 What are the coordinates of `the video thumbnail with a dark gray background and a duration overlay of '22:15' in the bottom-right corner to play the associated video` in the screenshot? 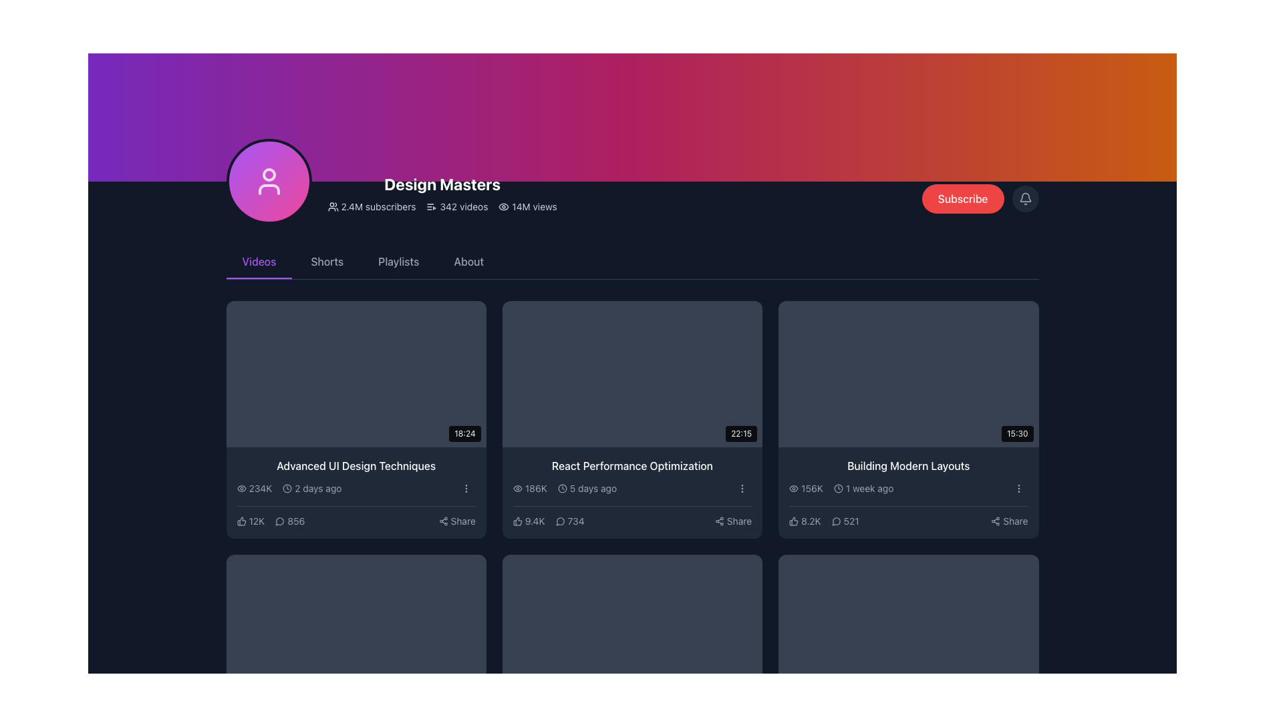 It's located at (631, 374).